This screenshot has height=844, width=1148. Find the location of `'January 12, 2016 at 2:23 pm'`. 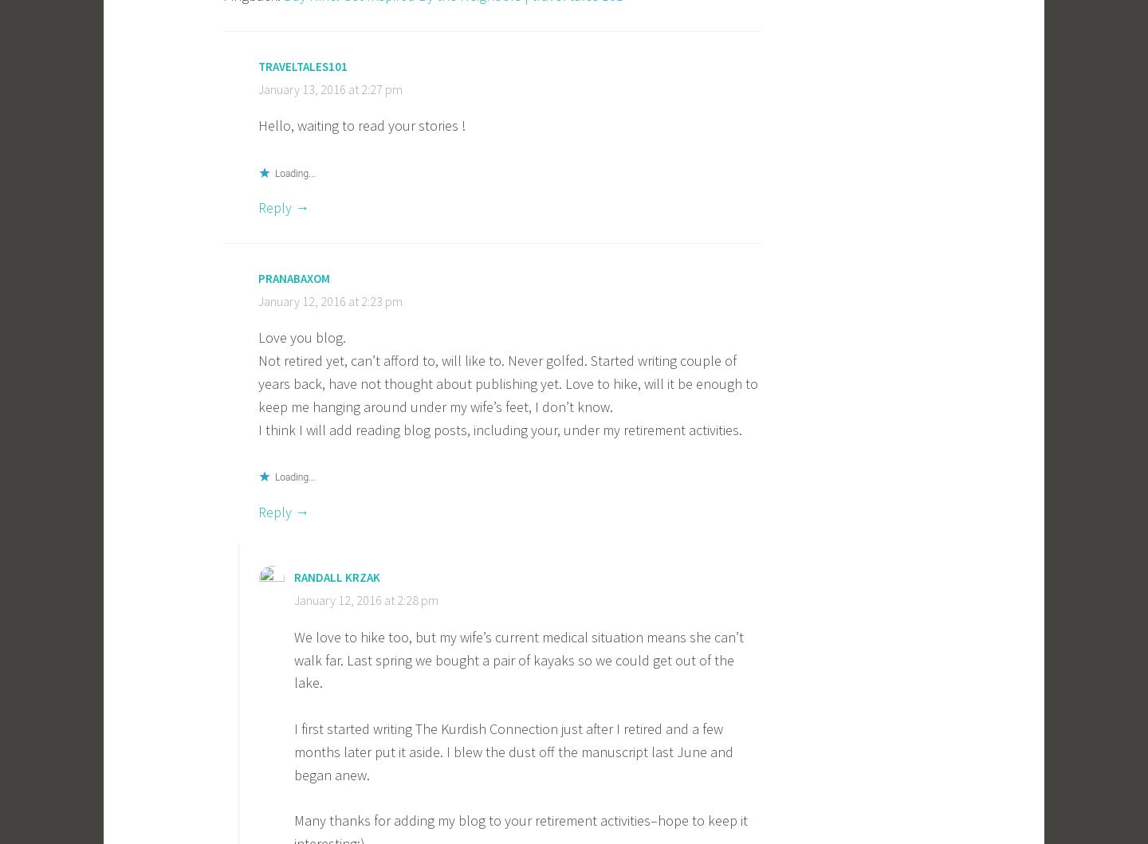

'January 12, 2016 at 2:23 pm' is located at coordinates (329, 300).